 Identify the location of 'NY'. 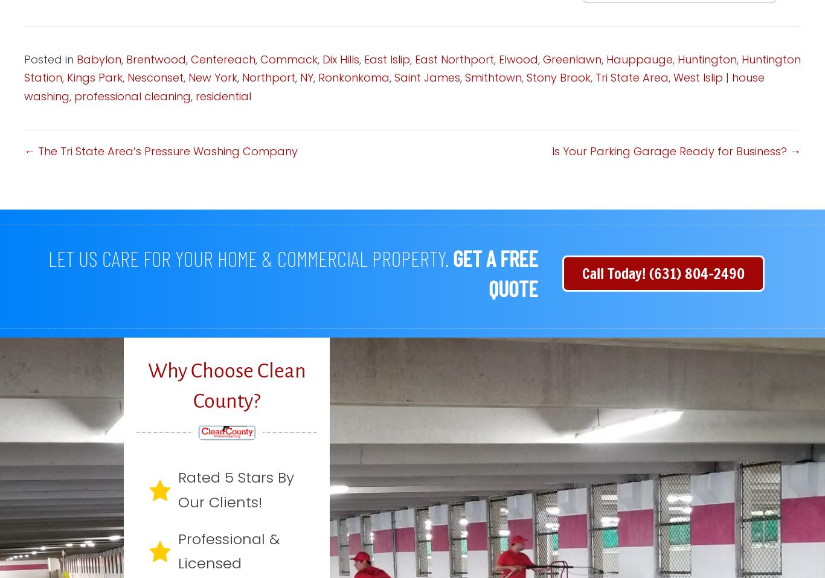
(300, 77).